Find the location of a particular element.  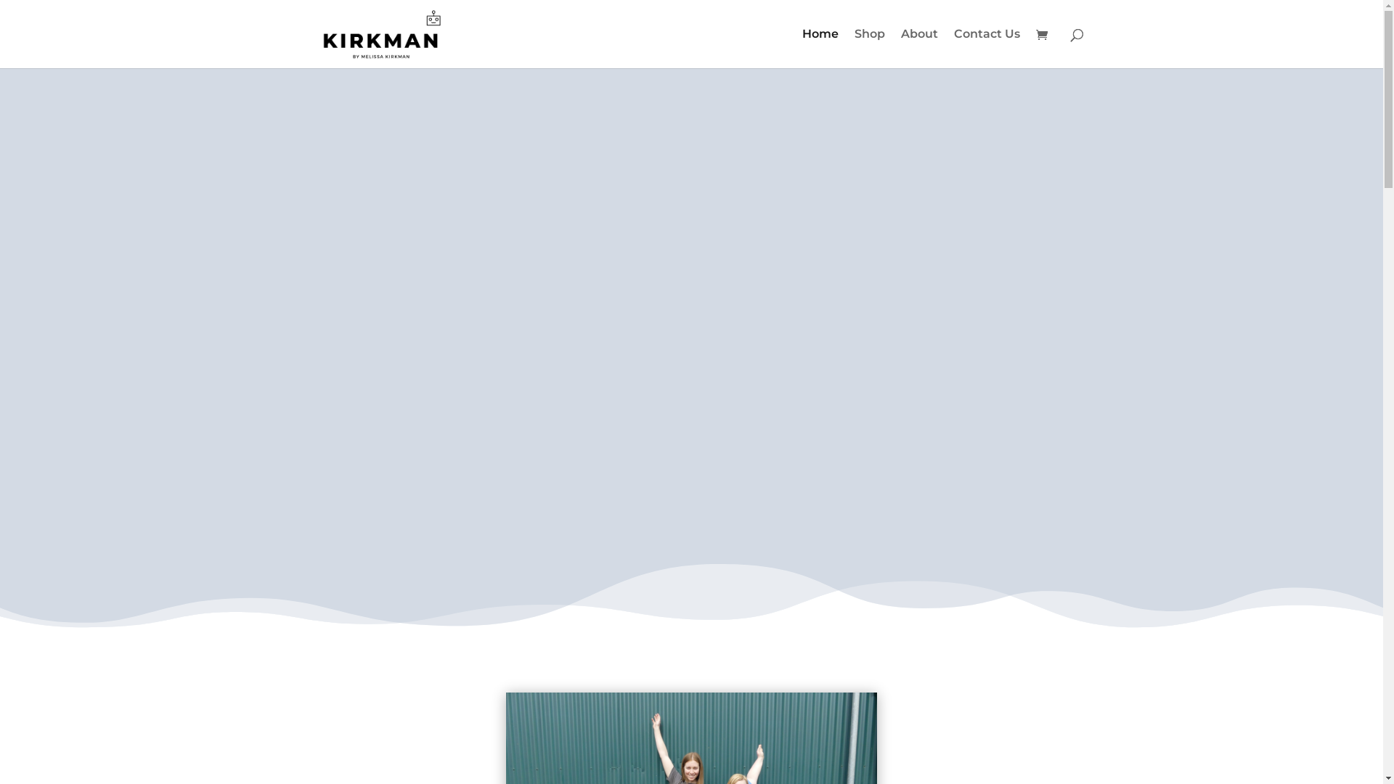

'Contact Us' is located at coordinates (987, 47).